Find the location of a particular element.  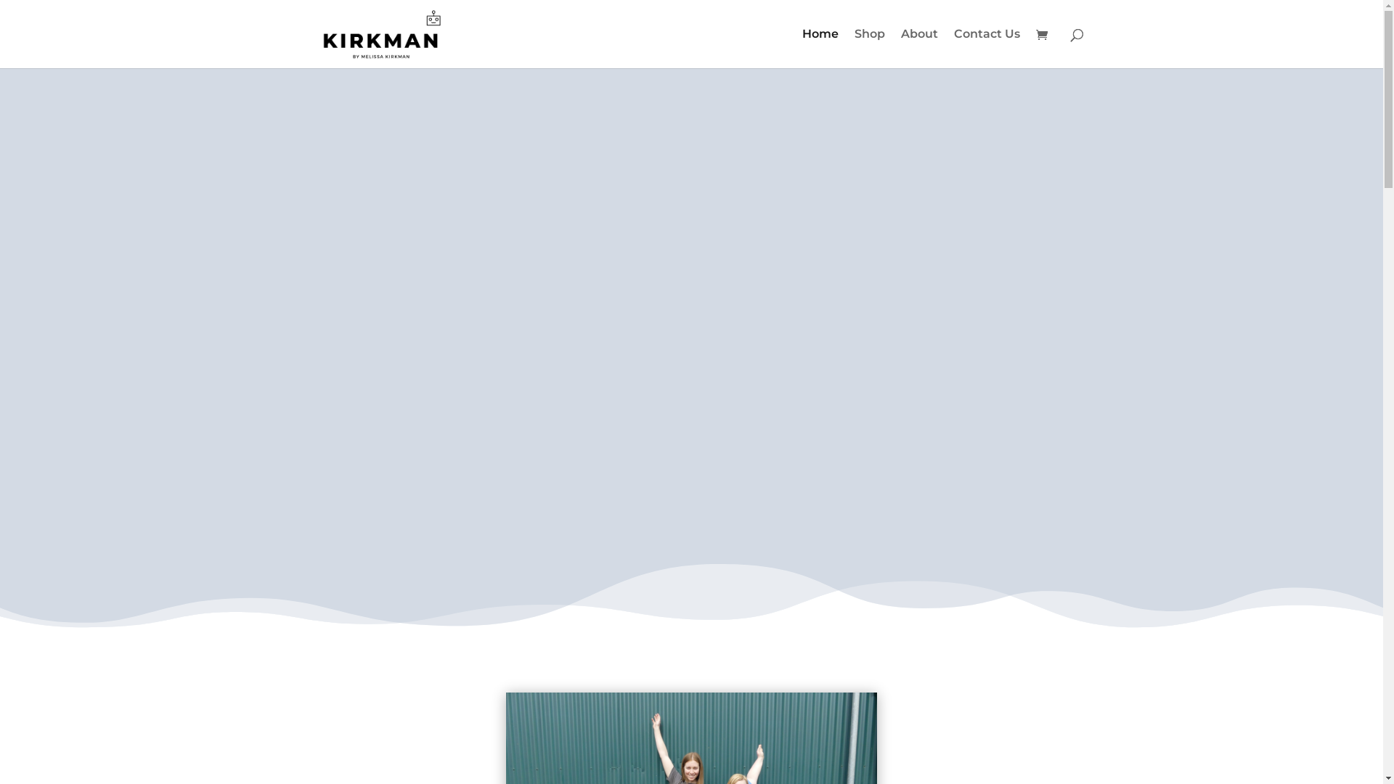

'Contact Us' is located at coordinates (987, 47).